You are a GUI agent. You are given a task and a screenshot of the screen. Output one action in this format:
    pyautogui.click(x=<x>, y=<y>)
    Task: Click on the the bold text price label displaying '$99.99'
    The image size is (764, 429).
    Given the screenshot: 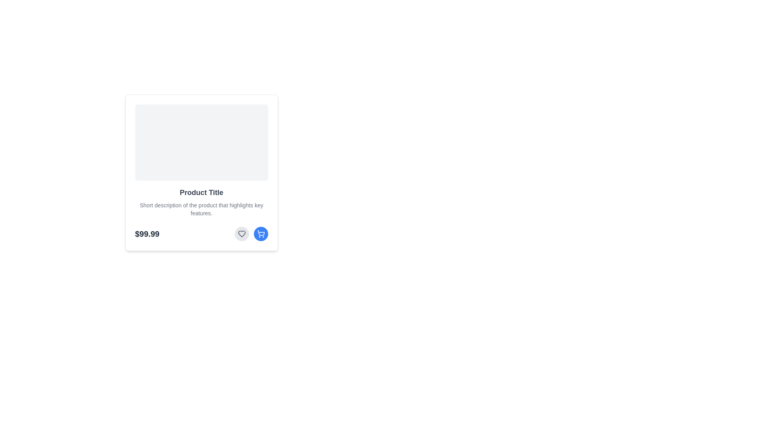 What is the action you would take?
    pyautogui.click(x=147, y=234)
    